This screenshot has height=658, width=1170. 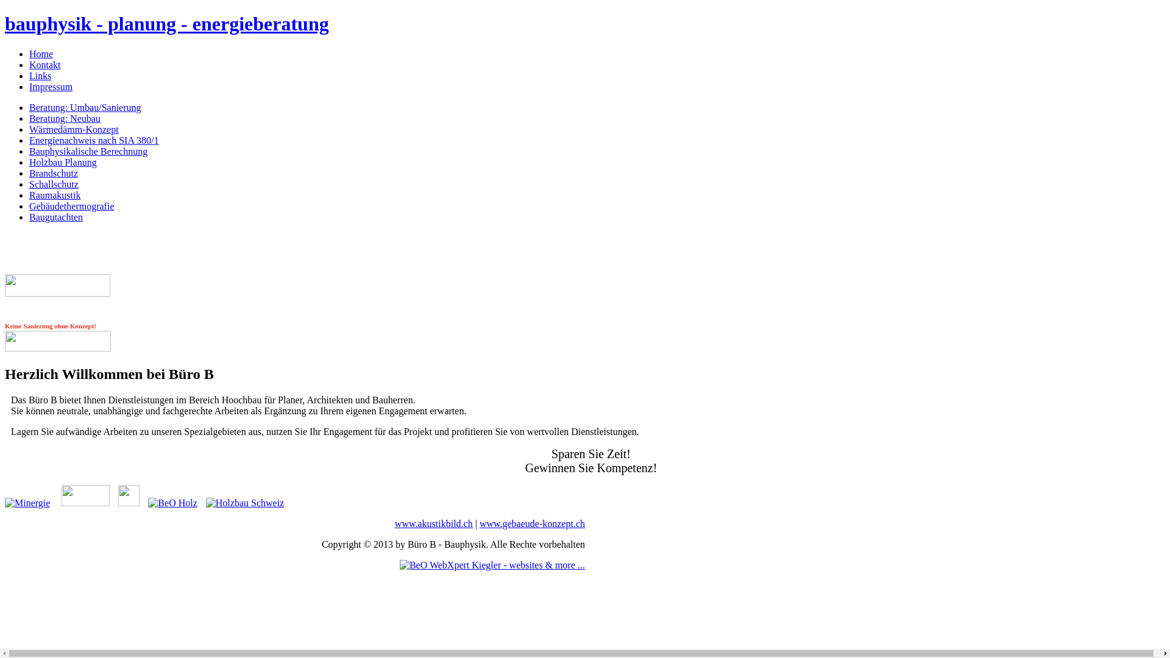 I want to click on 'www.akustikbild.ch', so click(x=433, y=523).